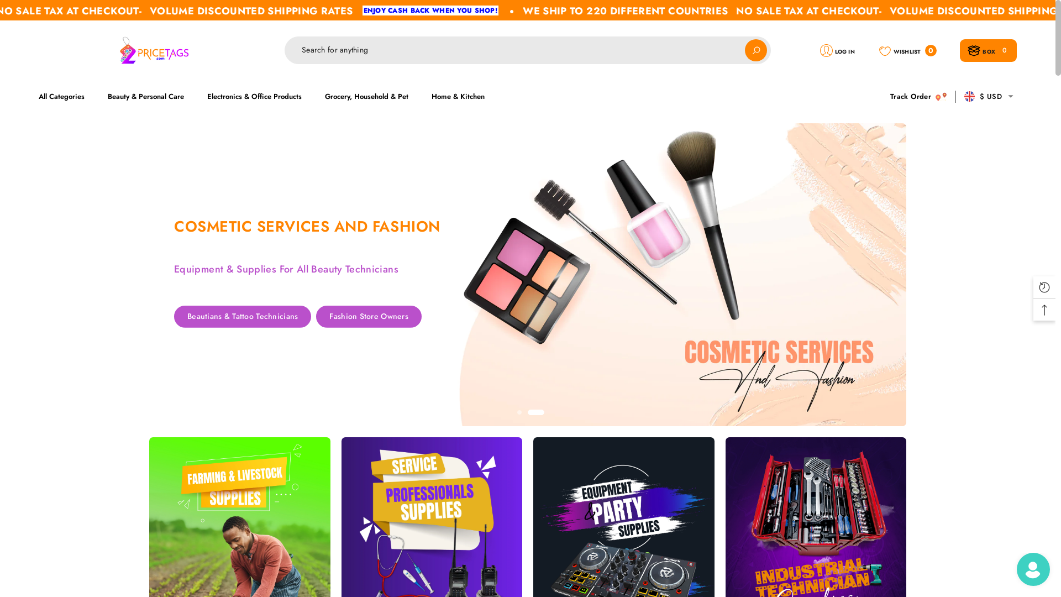  I want to click on '01', so click(519, 412).